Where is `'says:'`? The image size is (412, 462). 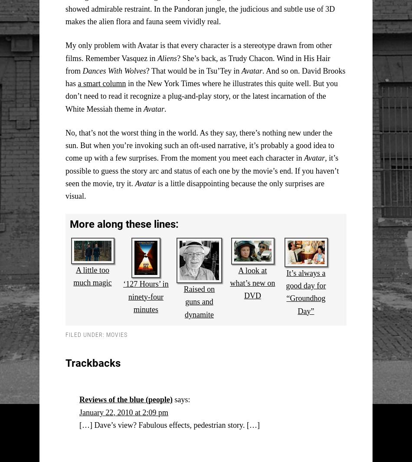
'says:' is located at coordinates (181, 399).